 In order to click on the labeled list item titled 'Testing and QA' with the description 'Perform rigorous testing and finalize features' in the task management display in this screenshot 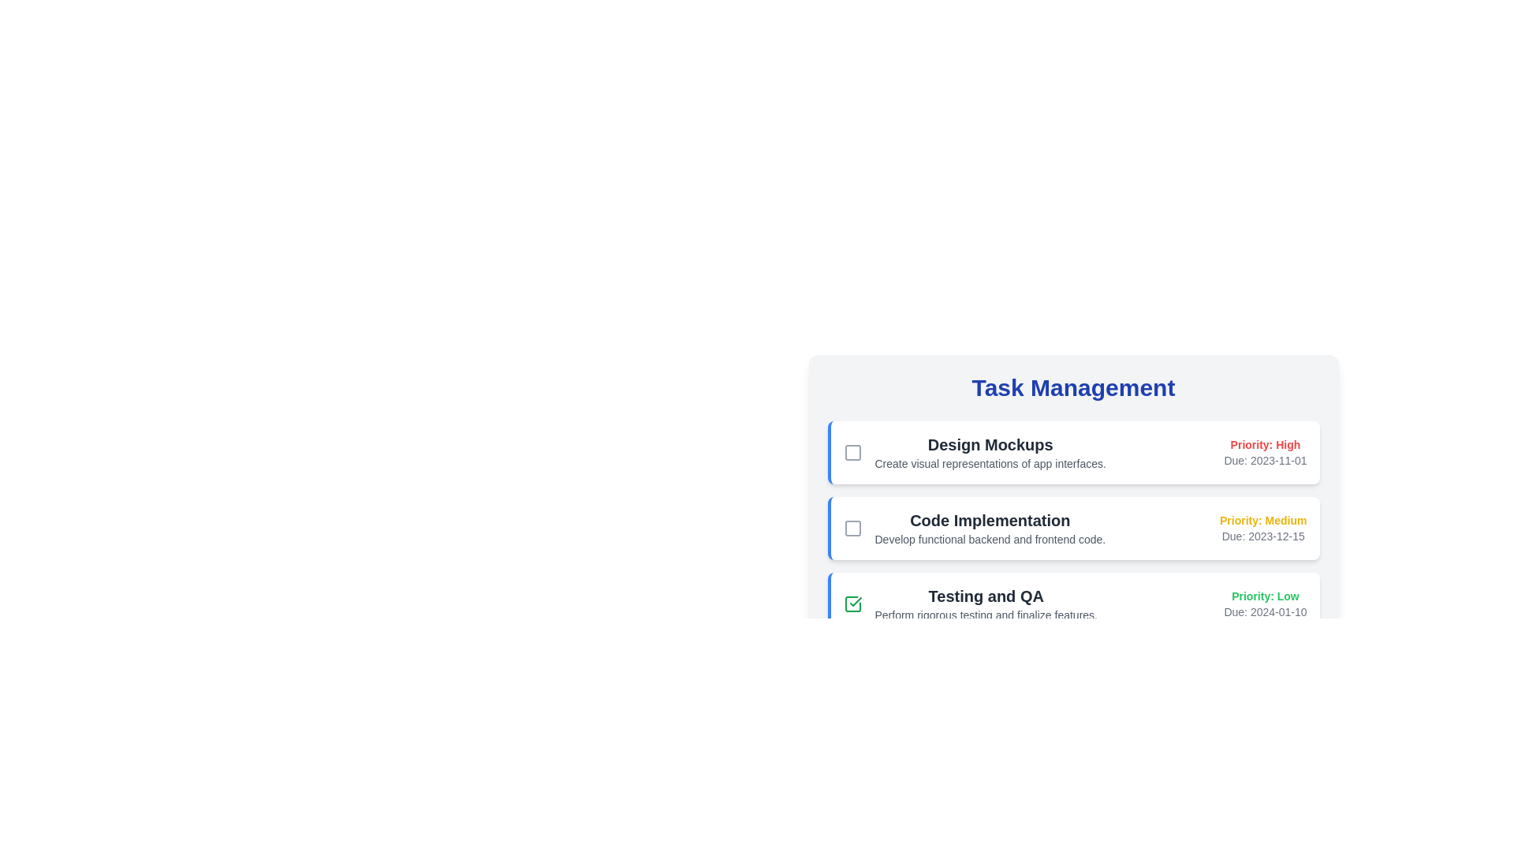, I will do `click(969, 603)`.